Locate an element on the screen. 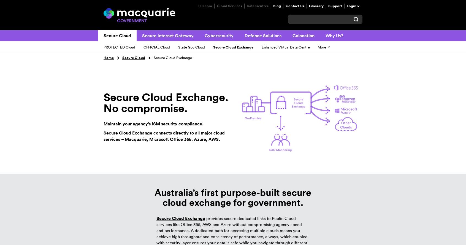 The image size is (466, 245). 'State Gov Cloud' is located at coordinates (191, 47).